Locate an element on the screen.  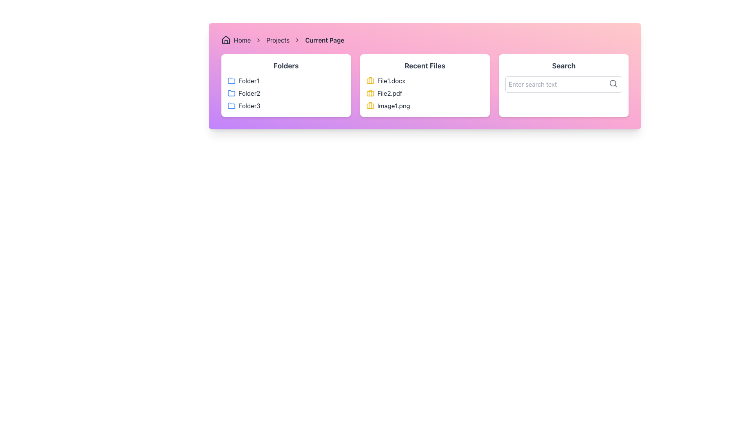
the folder icon representing 'Folder1' is located at coordinates (231, 81).